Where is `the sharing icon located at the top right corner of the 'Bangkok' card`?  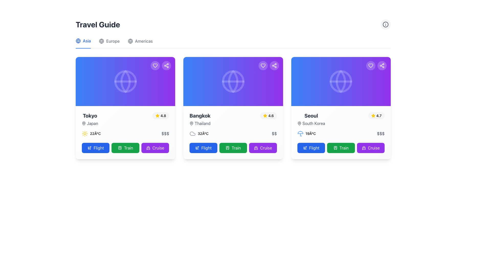
the sharing icon located at the top right corner of the 'Bangkok' card is located at coordinates (274, 65).